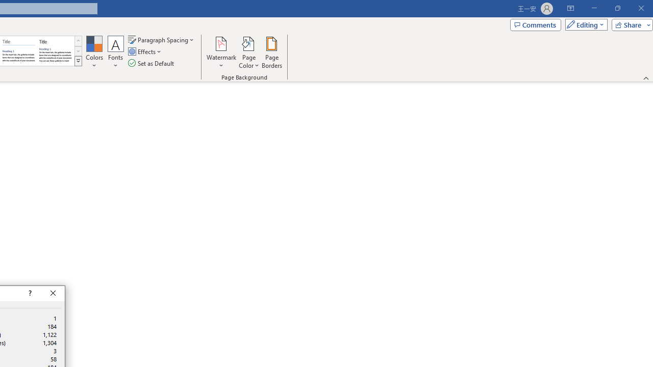 Image resolution: width=653 pixels, height=367 pixels. What do you see at coordinates (221, 53) in the screenshot?
I see `'Watermark'` at bounding box center [221, 53].